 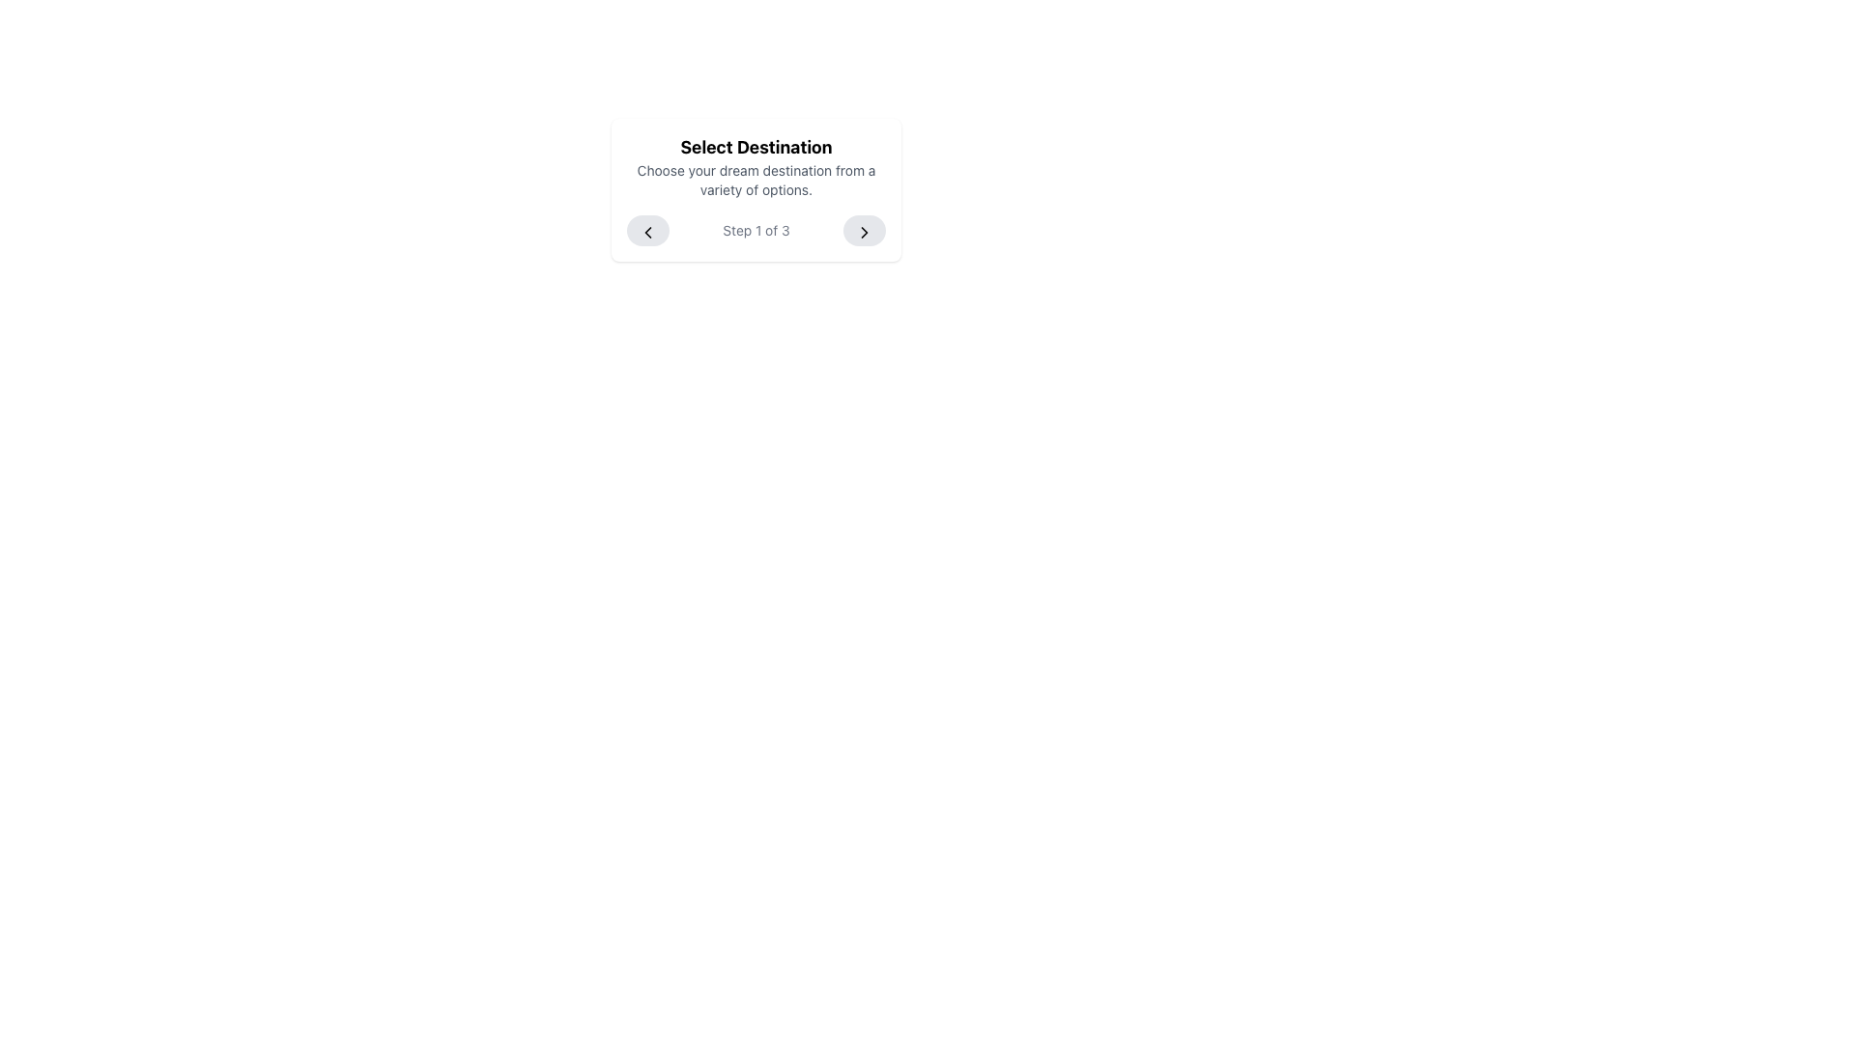 I want to click on the chevron icon located in the lower-right corner of the 'Select Destination' modal, so click(x=863, y=230).